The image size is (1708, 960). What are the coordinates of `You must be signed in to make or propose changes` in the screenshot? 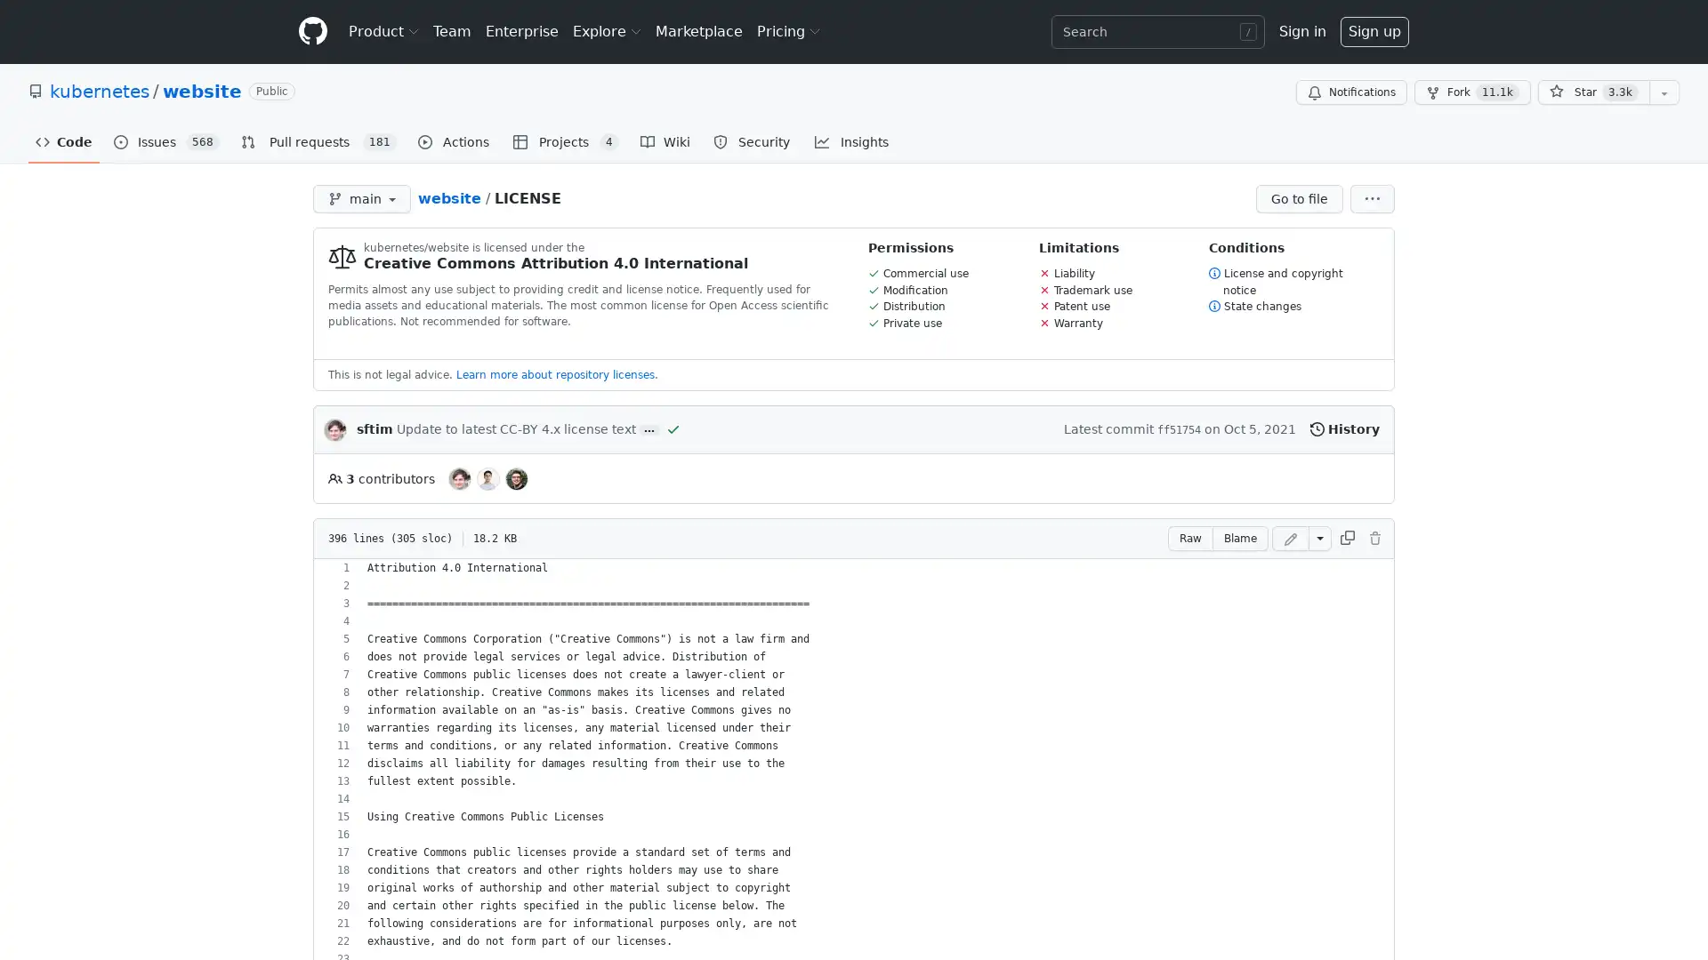 It's located at (1290, 537).